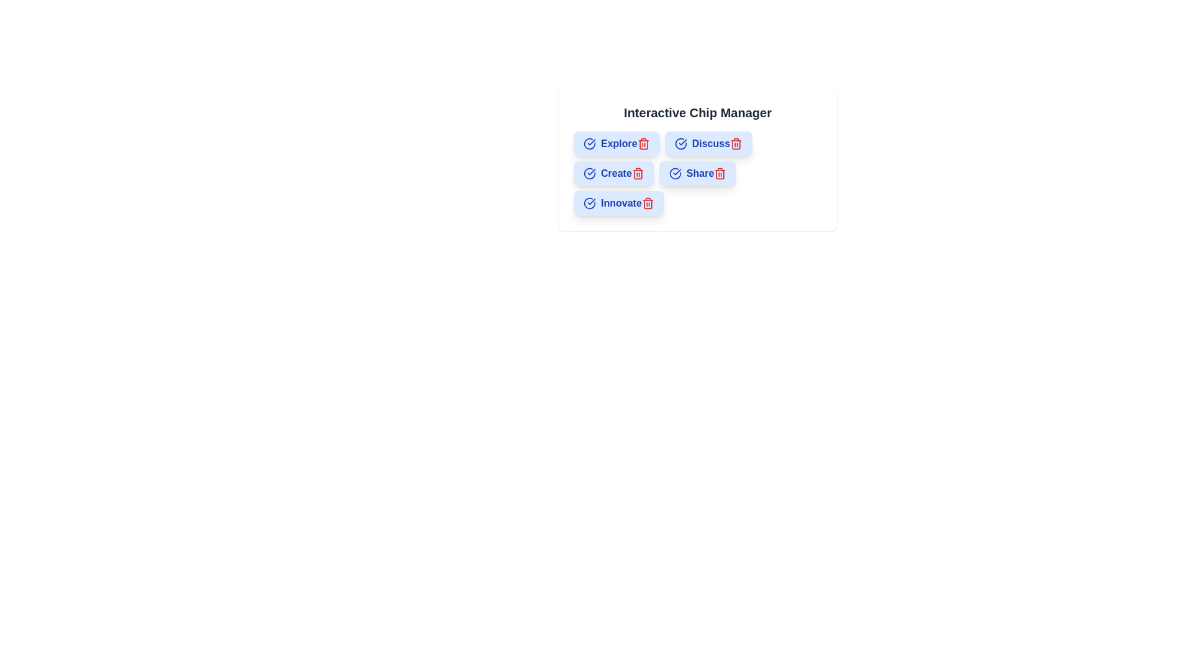 This screenshot has height=670, width=1192. I want to click on the chip labeled Discuss, so click(708, 143).